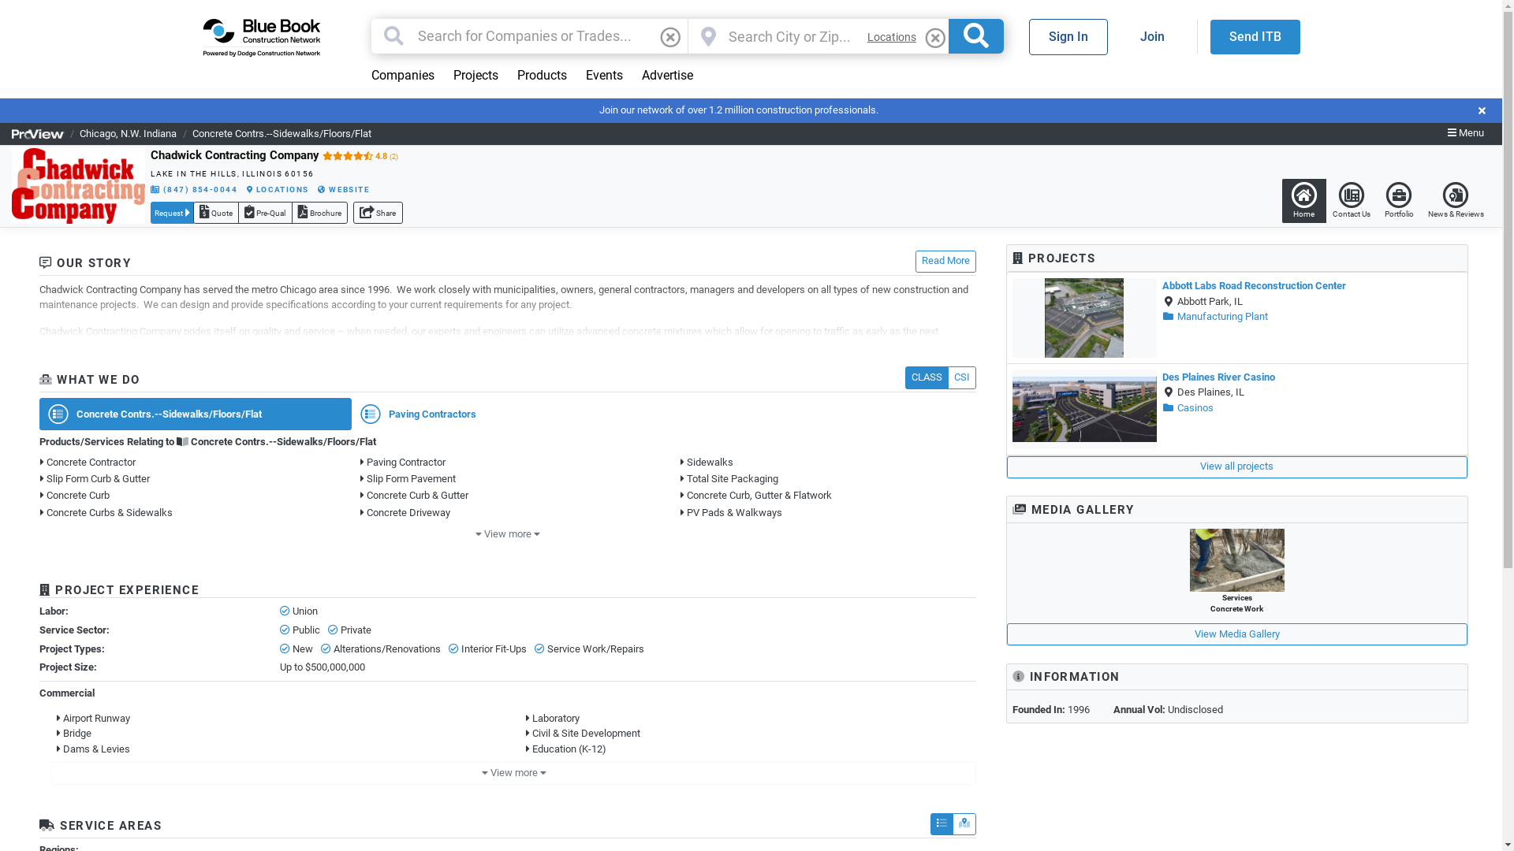  Describe the element at coordinates (319, 213) in the screenshot. I see `'Brochure'` at that location.